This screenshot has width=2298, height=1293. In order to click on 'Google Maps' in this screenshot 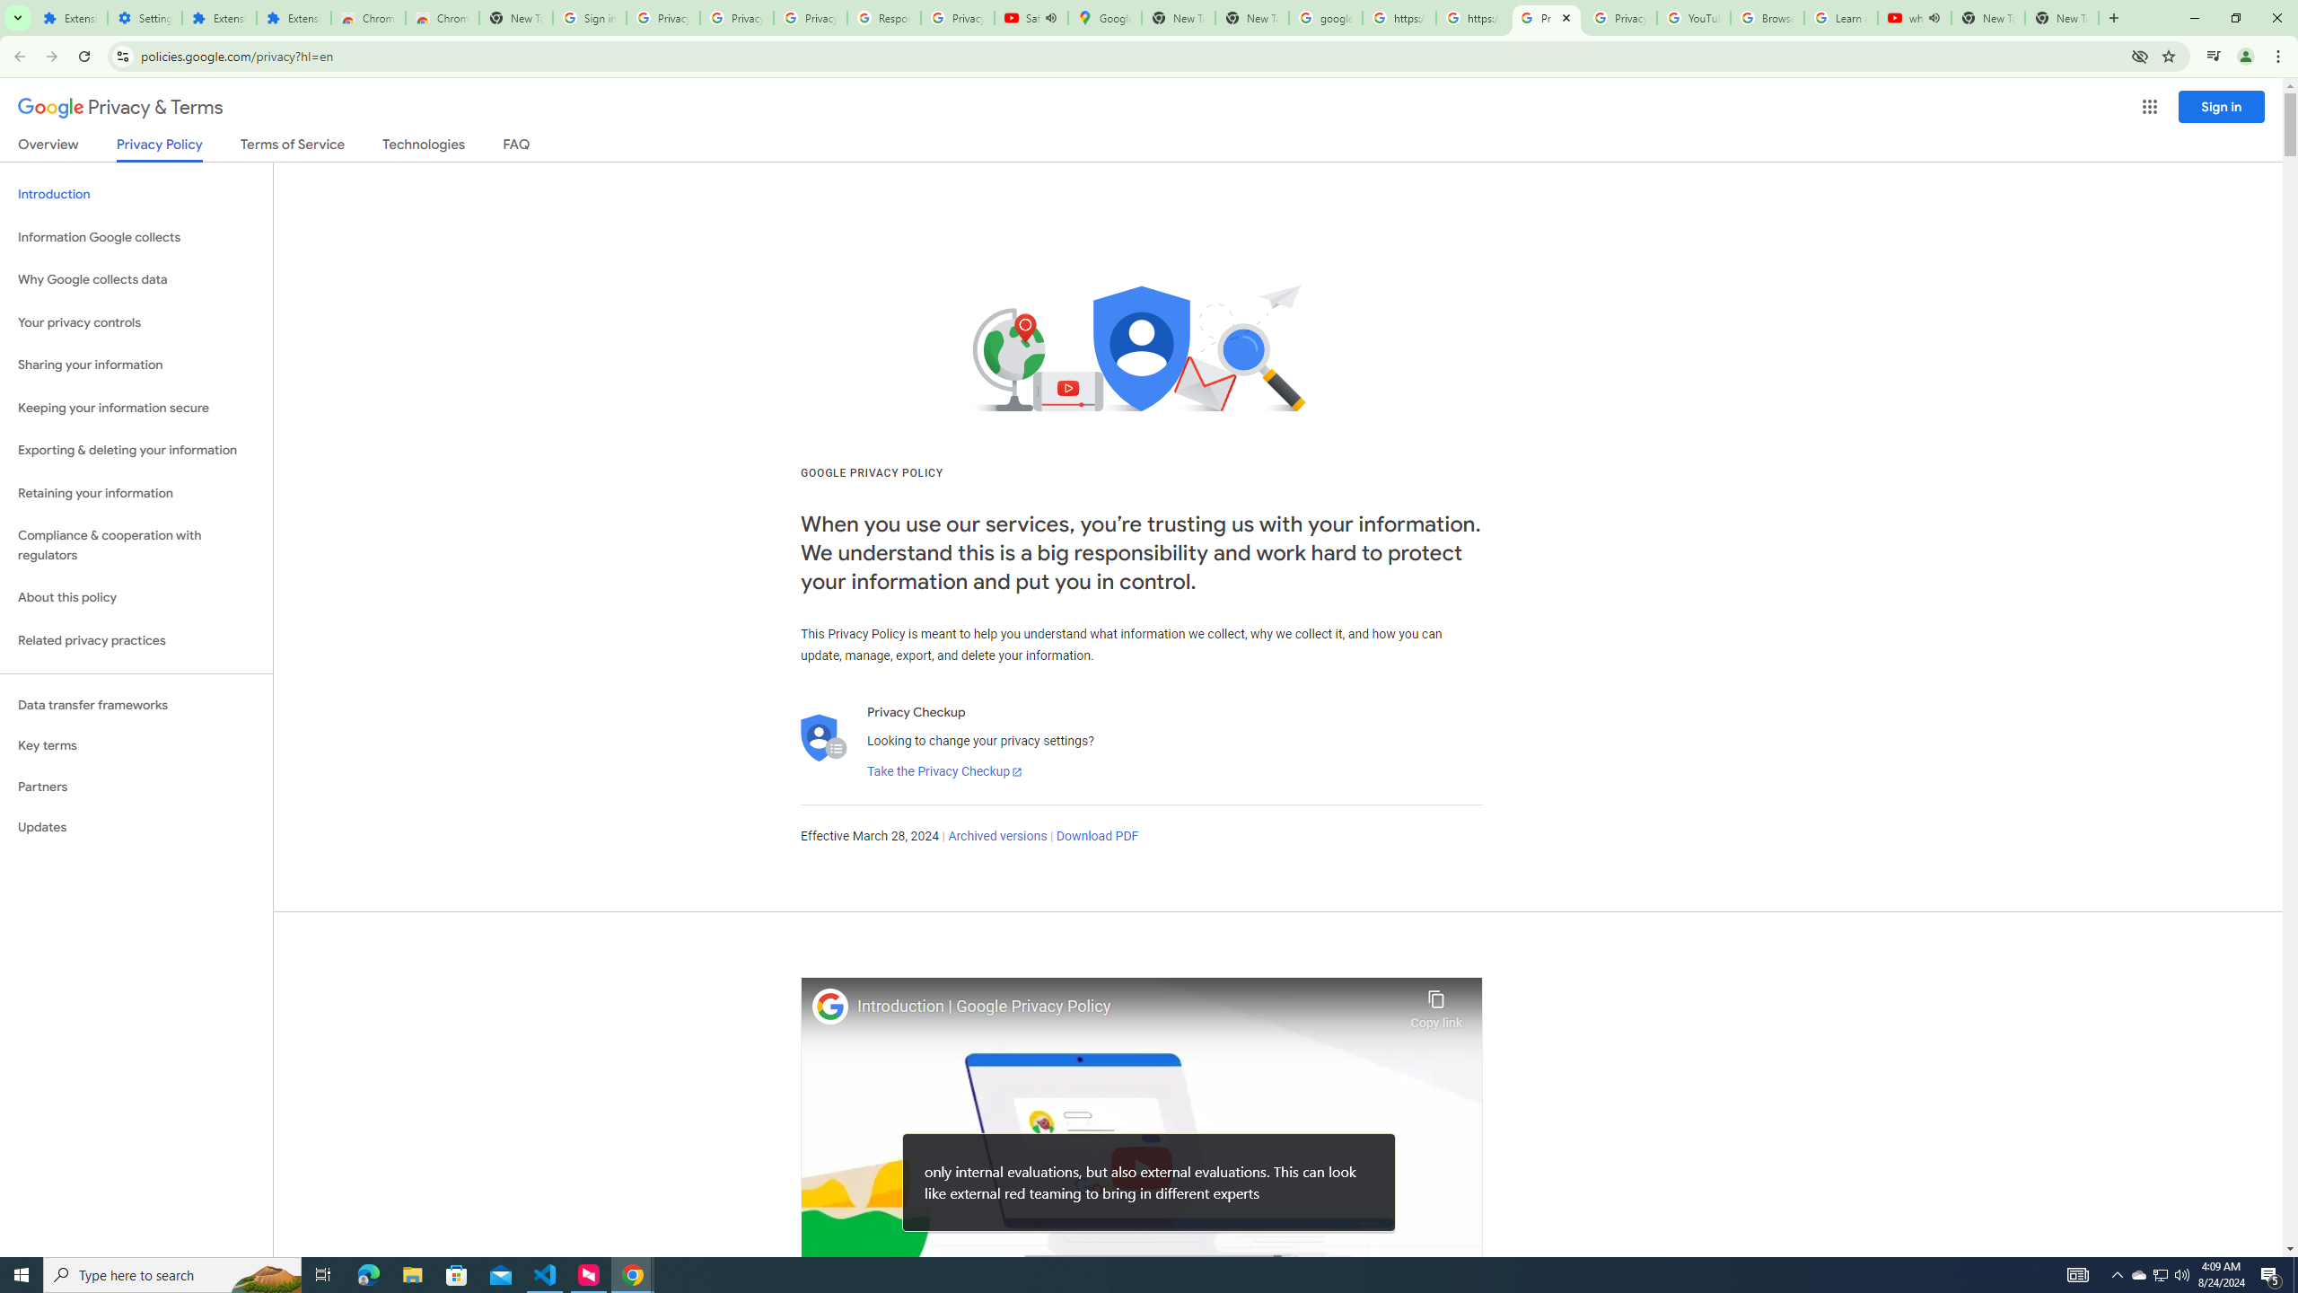, I will do `click(1104, 17)`.